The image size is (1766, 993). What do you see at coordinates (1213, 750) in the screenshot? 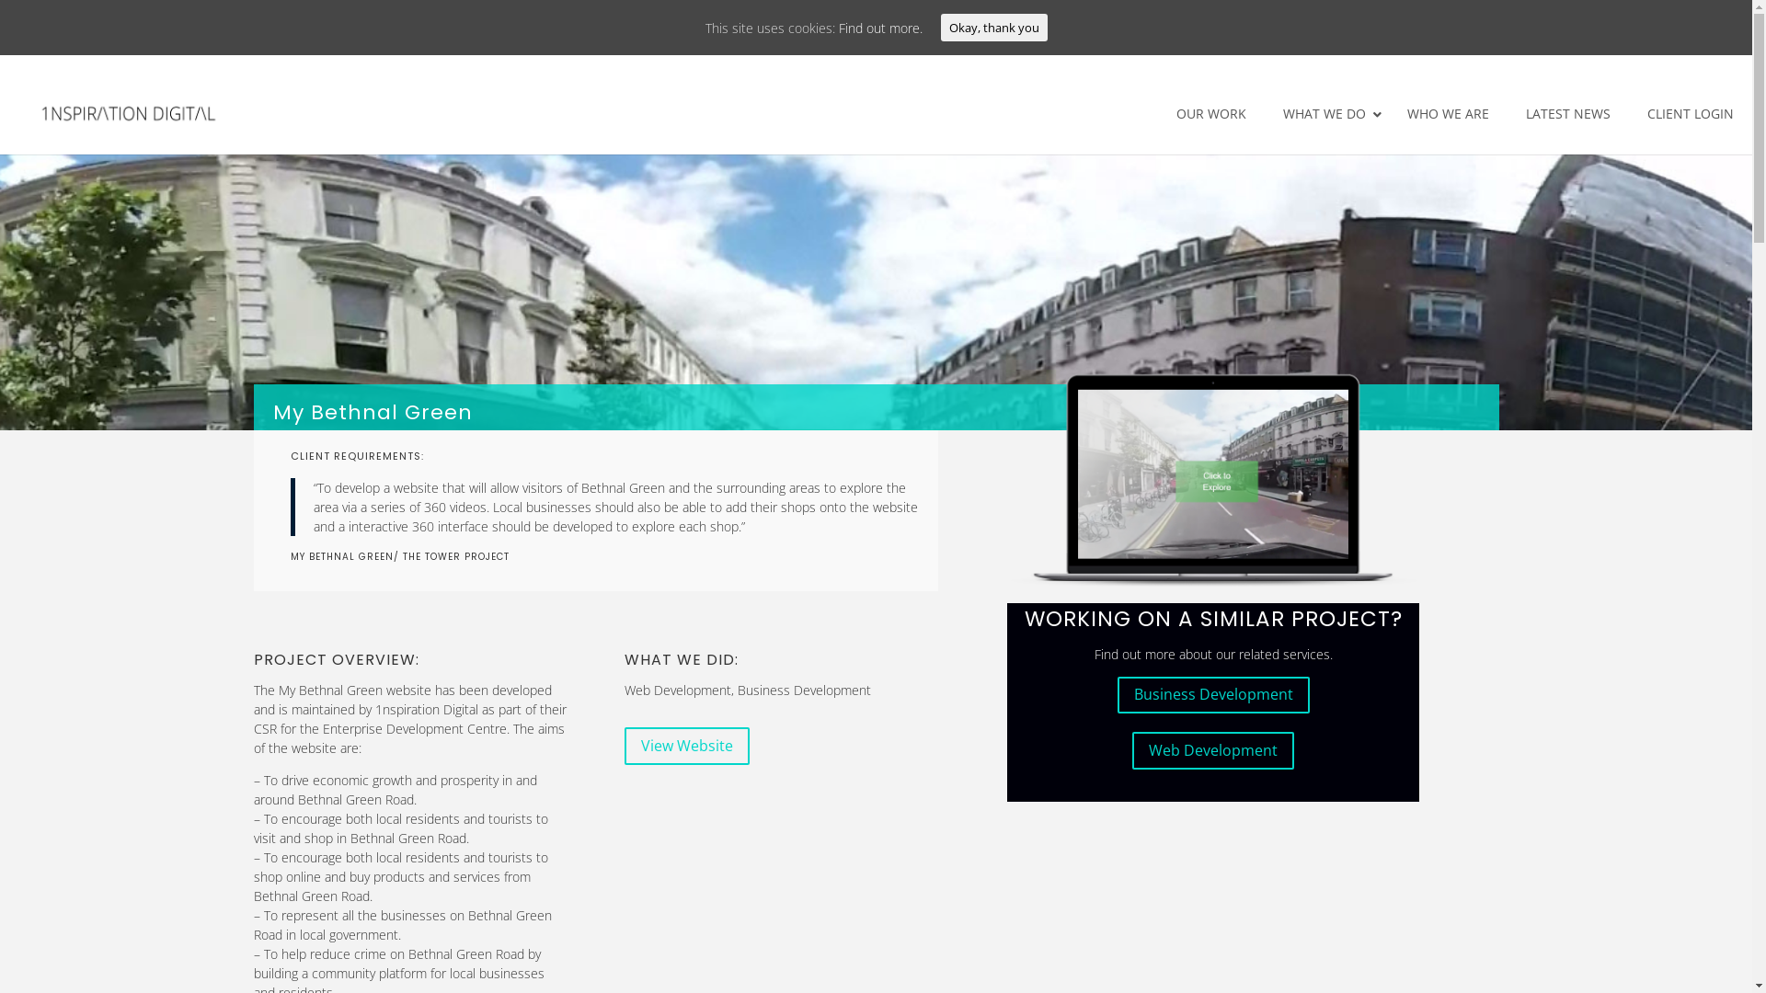
I see `'Web Development'` at bounding box center [1213, 750].